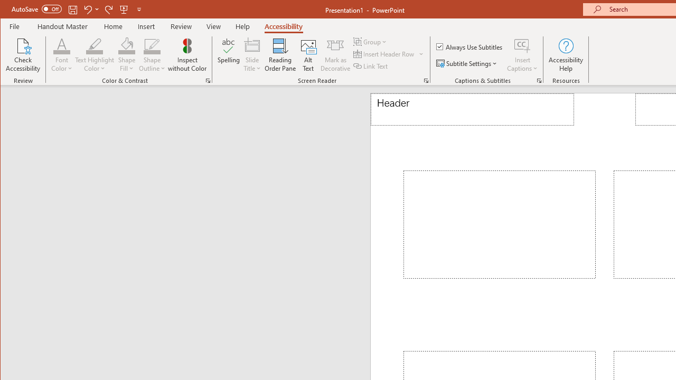  What do you see at coordinates (566, 55) in the screenshot?
I see `'Accessibility Help'` at bounding box center [566, 55].